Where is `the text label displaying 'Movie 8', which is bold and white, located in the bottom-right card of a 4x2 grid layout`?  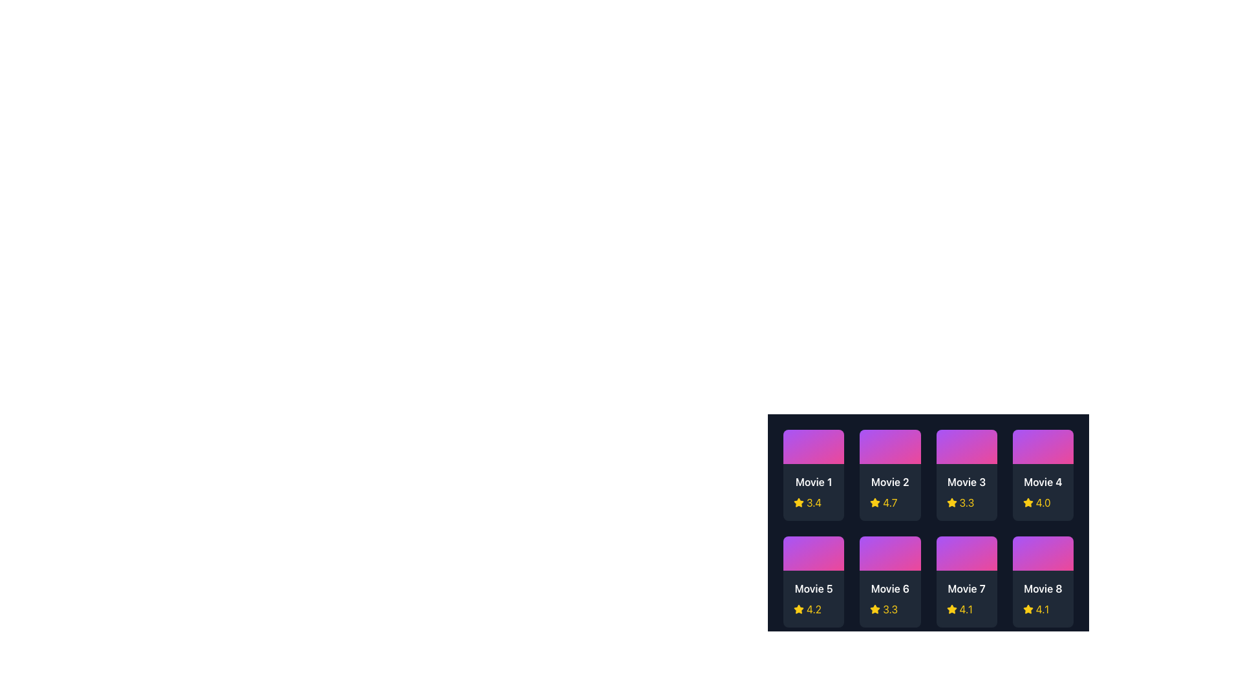 the text label displaying 'Movie 8', which is bold and white, located in the bottom-right card of a 4x2 grid layout is located at coordinates (1043, 588).